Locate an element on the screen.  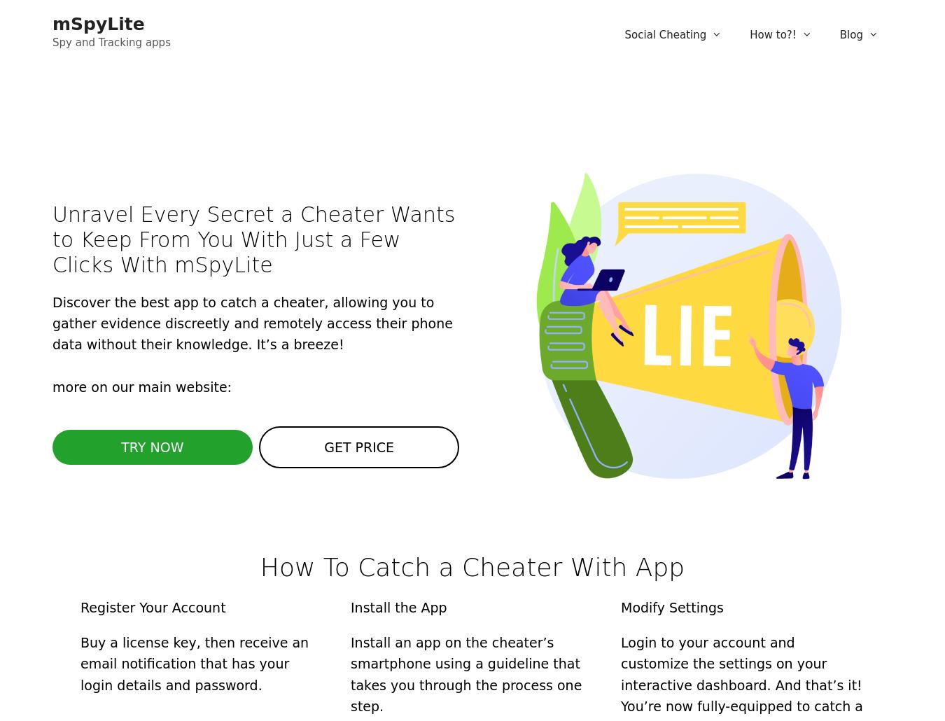
'Buy a license key, then receive an email notification that has your login details and password.' is located at coordinates (193, 662).